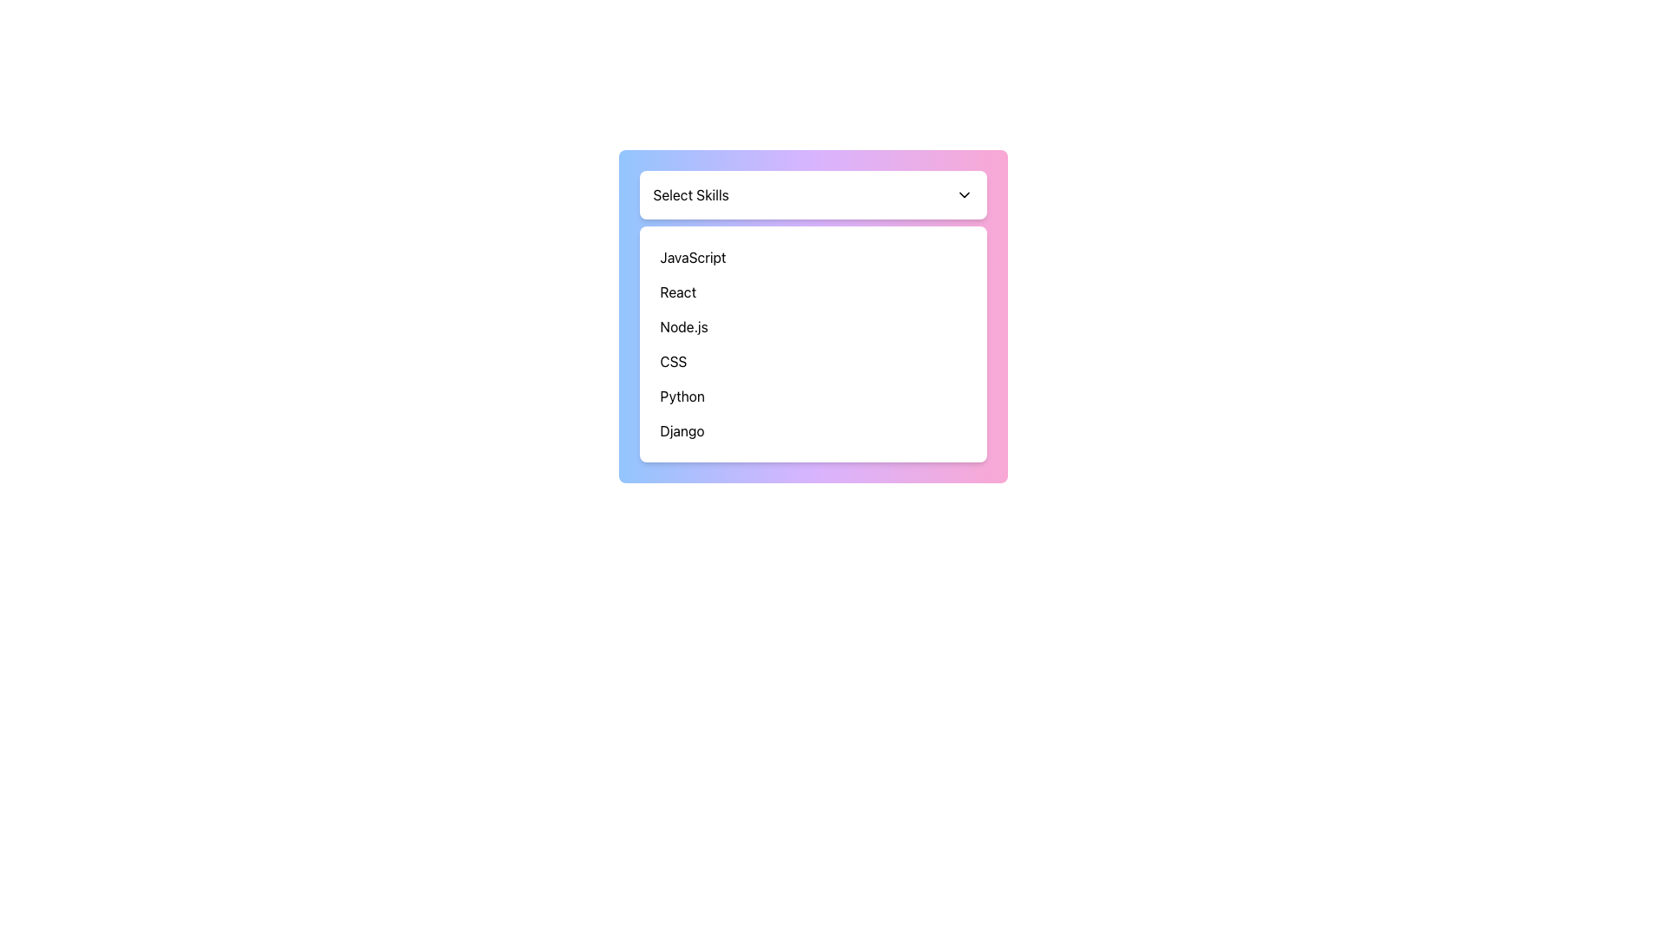  I want to click on the text label displaying 'JavaScript' in the dropdown list under 'Select Skills', so click(692, 258).